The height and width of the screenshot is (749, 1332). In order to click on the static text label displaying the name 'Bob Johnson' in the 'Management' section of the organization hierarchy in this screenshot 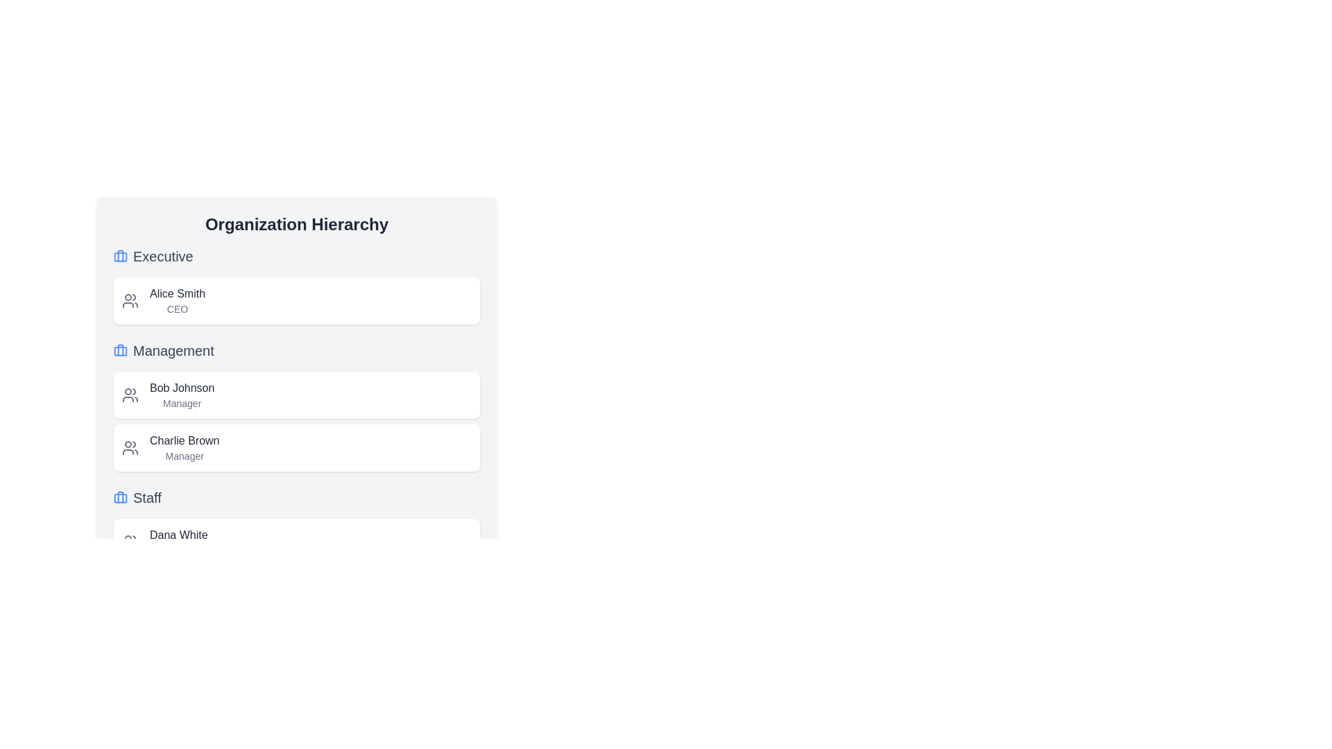, I will do `click(181, 388)`.